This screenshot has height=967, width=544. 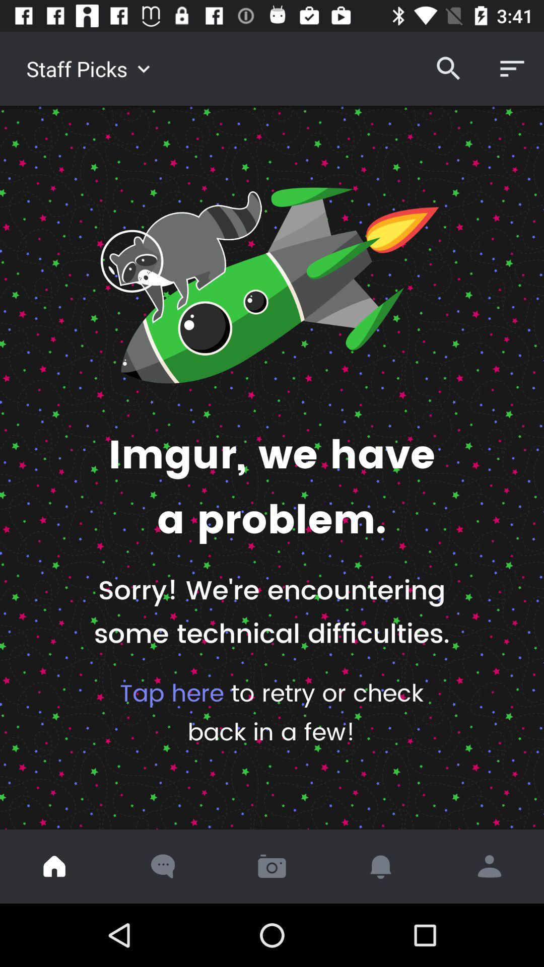 What do you see at coordinates (448, 68) in the screenshot?
I see `the item next to staff picks item` at bounding box center [448, 68].